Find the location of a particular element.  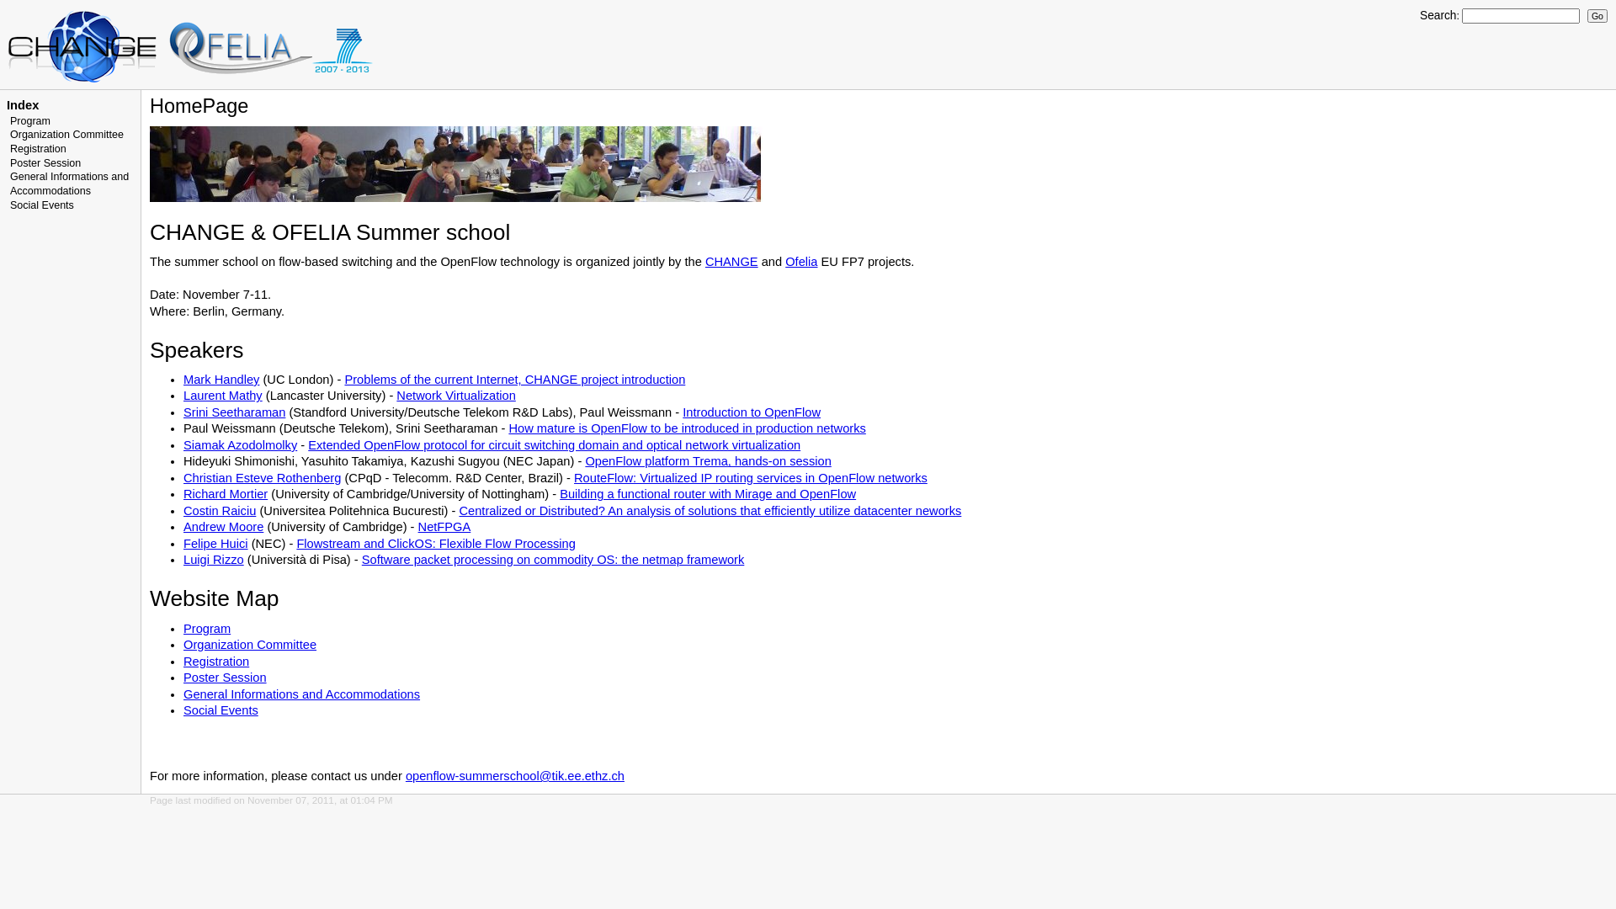

'NetFPGA' is located at coordinates (444, 525).